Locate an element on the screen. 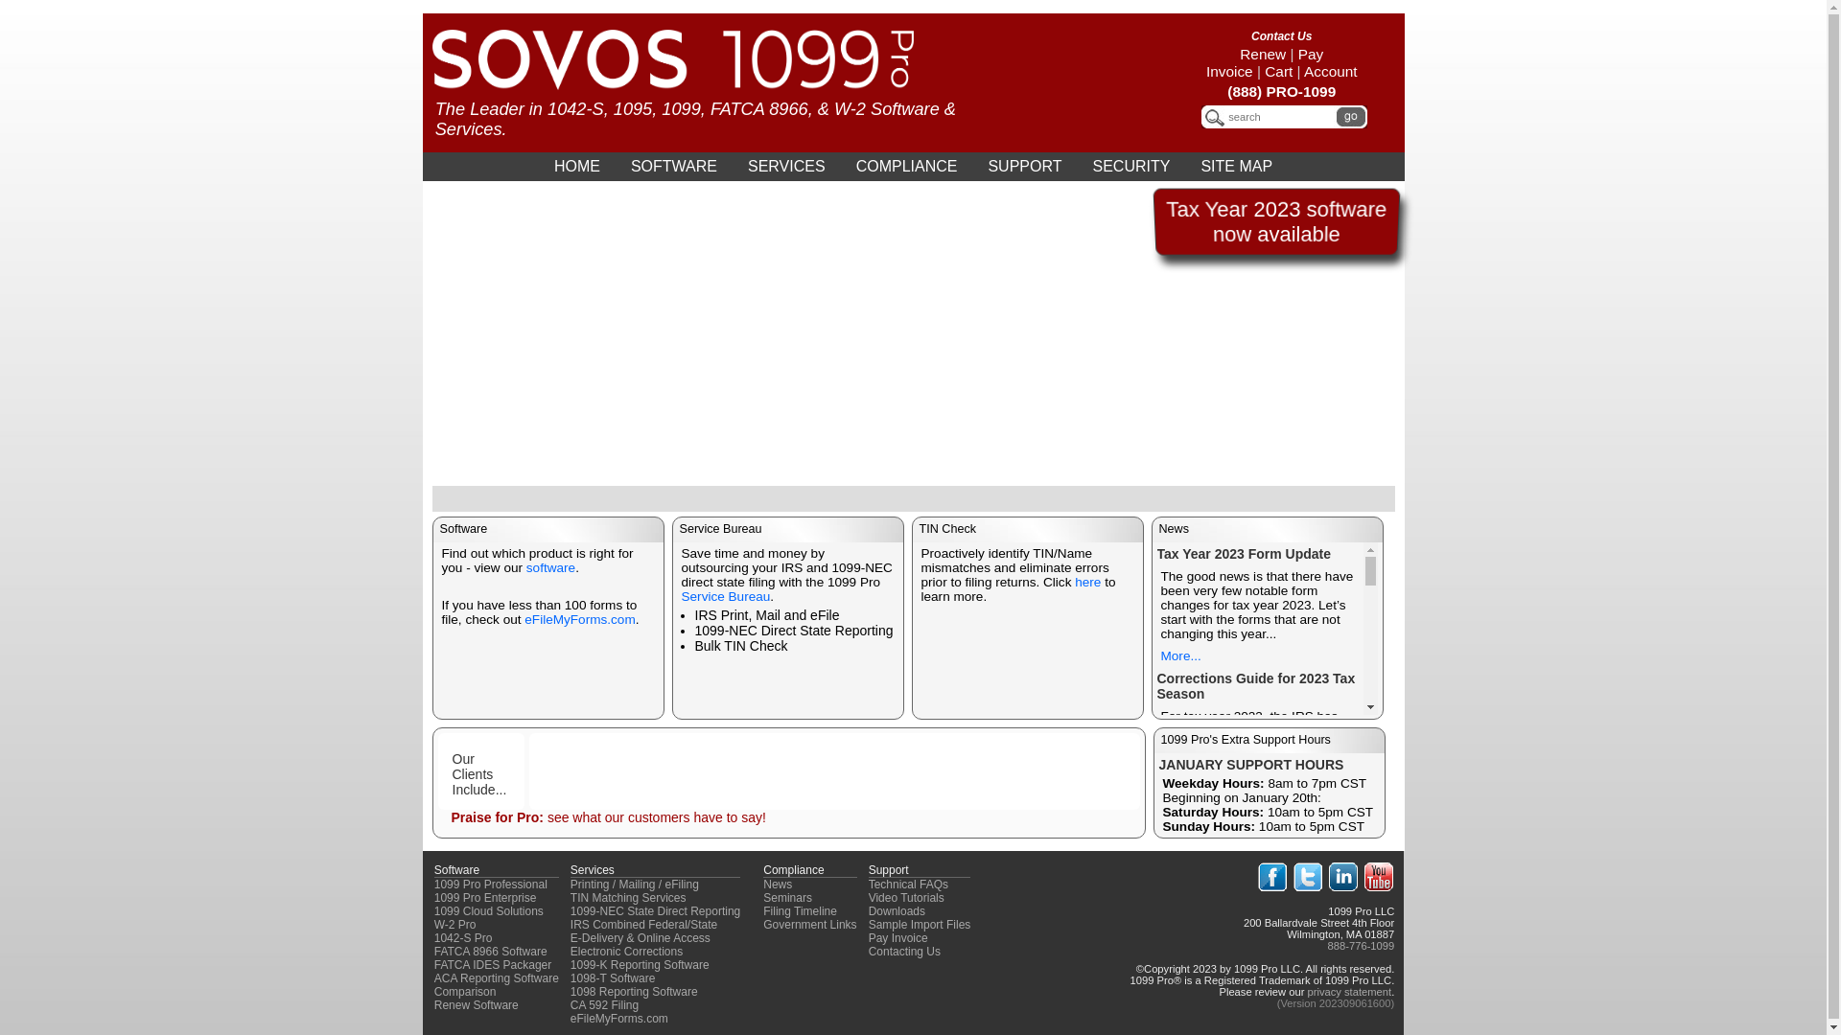 The height and width of the screenshot is (1035, 1841). 'eFileMyForms.com' is located at coordinates (578, 619).